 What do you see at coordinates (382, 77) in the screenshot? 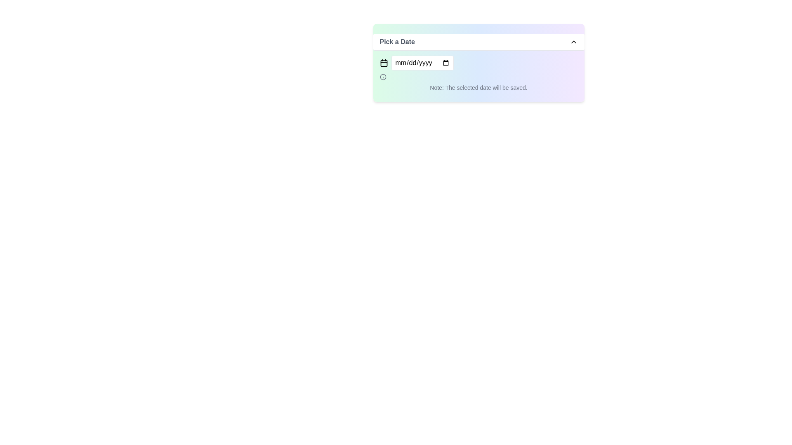
I see `the info icon located under the date input field, to the left of the note text 'Note: The selected date will be saved.'` at bounding box center [382, 77].